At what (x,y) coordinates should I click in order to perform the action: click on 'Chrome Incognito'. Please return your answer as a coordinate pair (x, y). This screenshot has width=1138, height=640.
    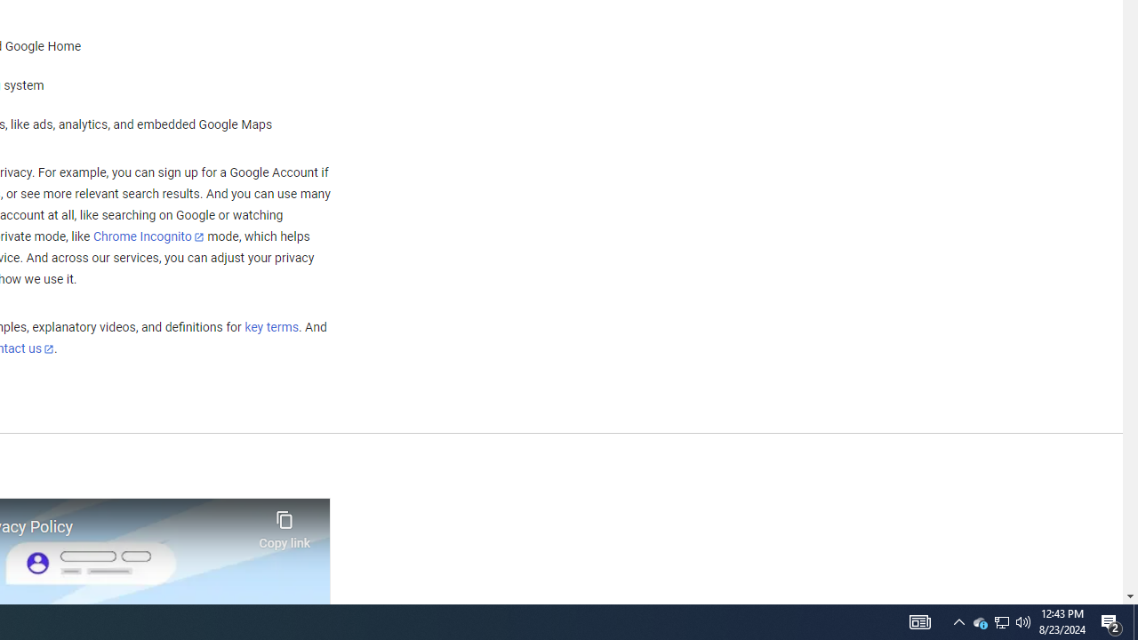
    Looking at the image, I should click on (148, 236).